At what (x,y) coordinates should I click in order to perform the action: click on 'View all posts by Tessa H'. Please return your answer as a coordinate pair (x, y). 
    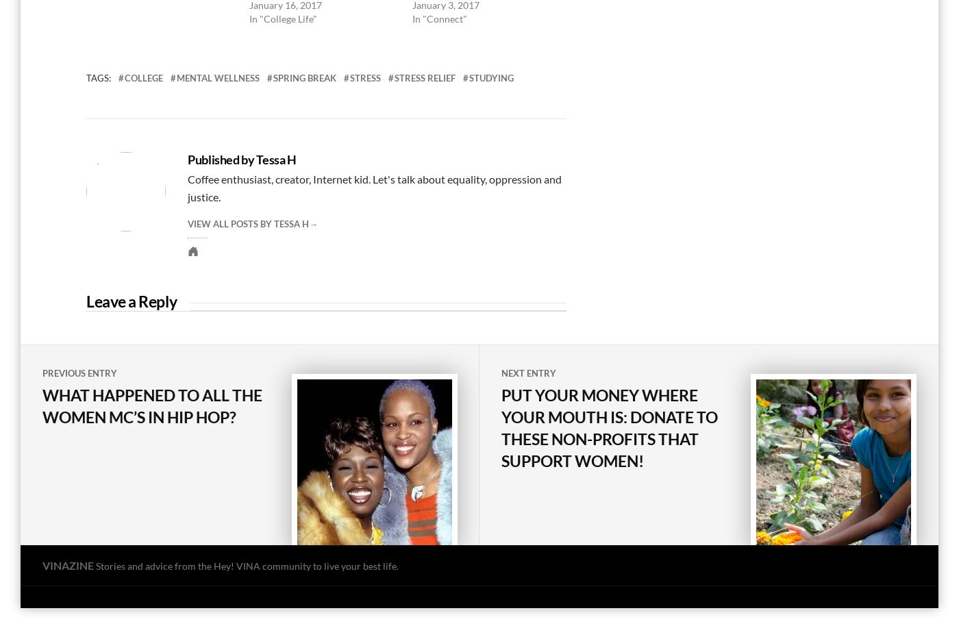
    Looking at the image, I should click on (187, 224).